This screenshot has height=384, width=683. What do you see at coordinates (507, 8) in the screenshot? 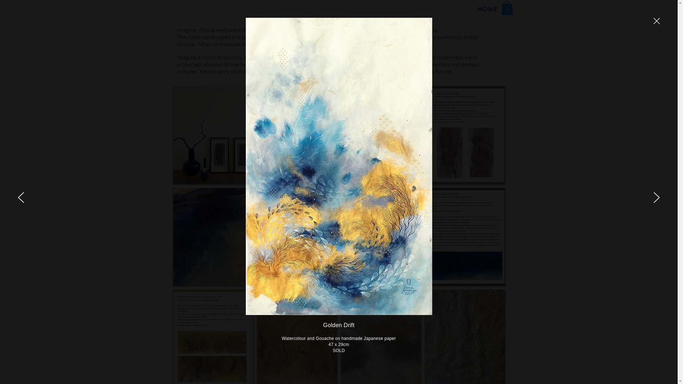
I see `'0'` at bounding box center [507, 8].